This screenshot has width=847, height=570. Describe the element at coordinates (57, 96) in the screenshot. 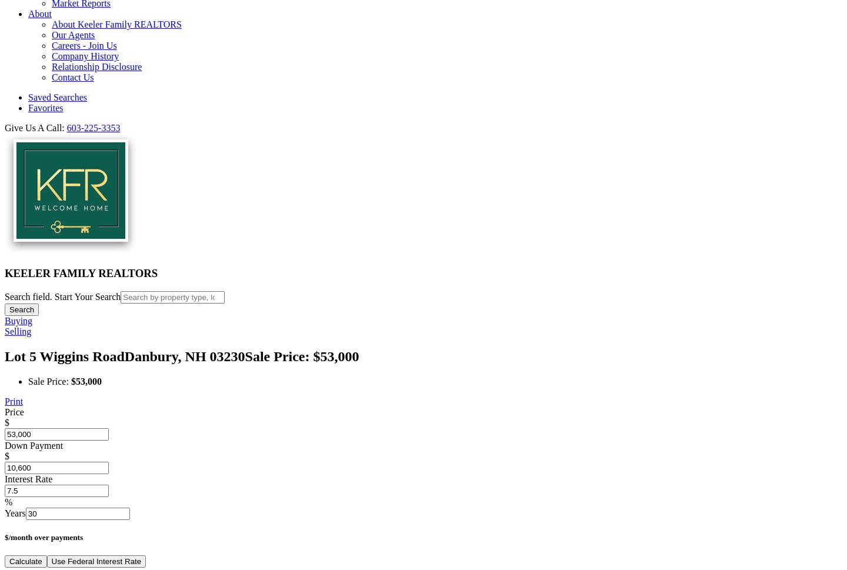

I see `'Saved Searches'` at that location.